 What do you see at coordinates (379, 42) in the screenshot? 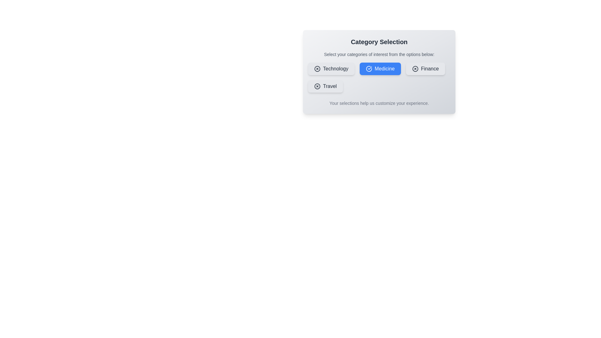
I see `the heading text 'Category Selection' to focus on it` at bounding box center [379, 42].